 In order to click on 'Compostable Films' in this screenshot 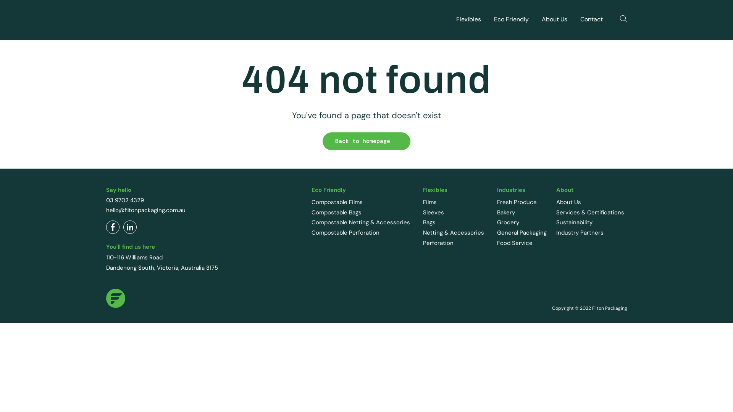, I will do `click(337, 201)`.